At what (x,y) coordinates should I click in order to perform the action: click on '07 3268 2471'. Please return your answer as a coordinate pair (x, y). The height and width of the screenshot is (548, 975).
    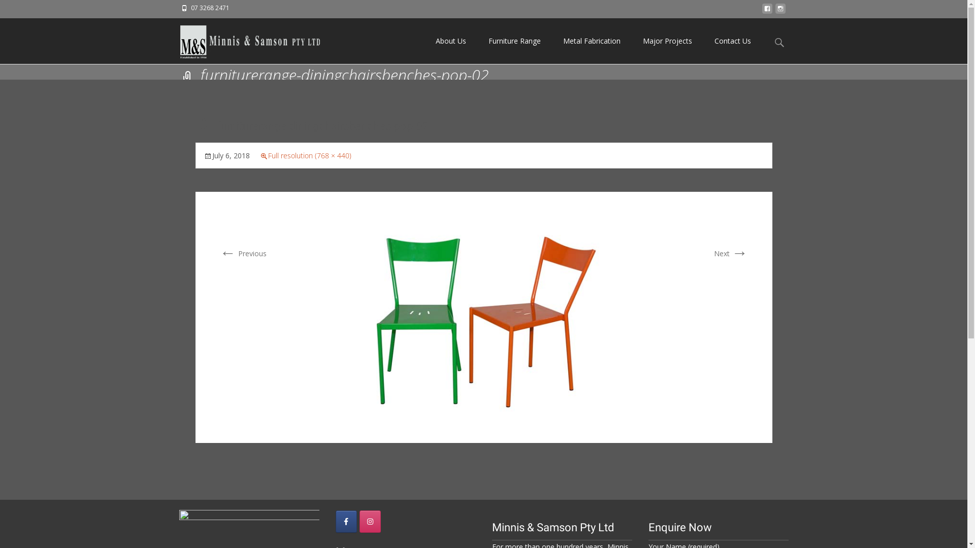
    Looking at the image, I should click on (209, 8).